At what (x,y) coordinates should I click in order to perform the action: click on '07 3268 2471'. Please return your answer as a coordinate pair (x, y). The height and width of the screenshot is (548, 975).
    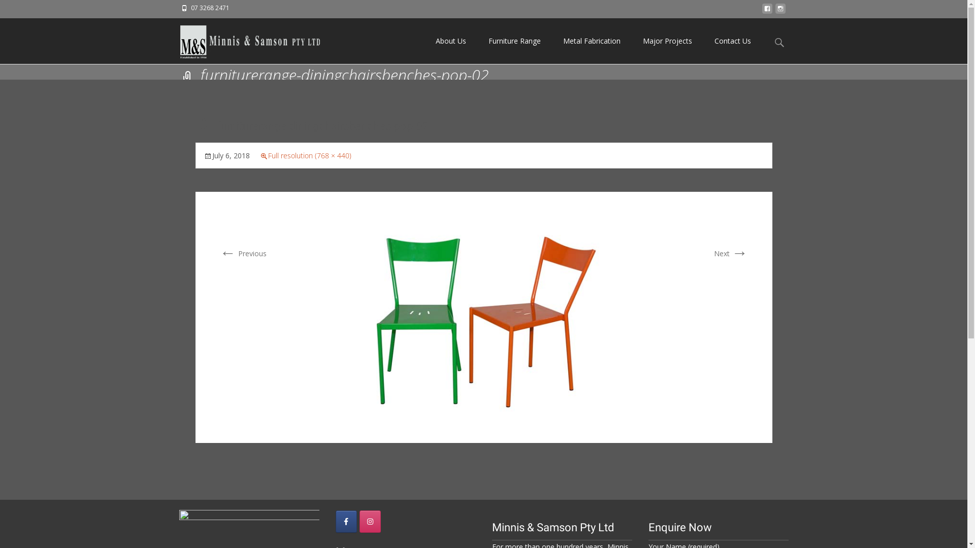
    Looking at the image, I should click on (209, 8).